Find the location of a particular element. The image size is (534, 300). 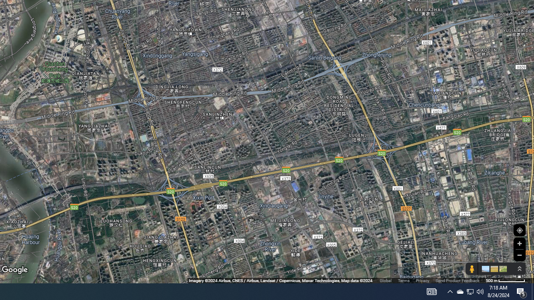

'Send Product Feedback' is located at coordinates (457, 280).